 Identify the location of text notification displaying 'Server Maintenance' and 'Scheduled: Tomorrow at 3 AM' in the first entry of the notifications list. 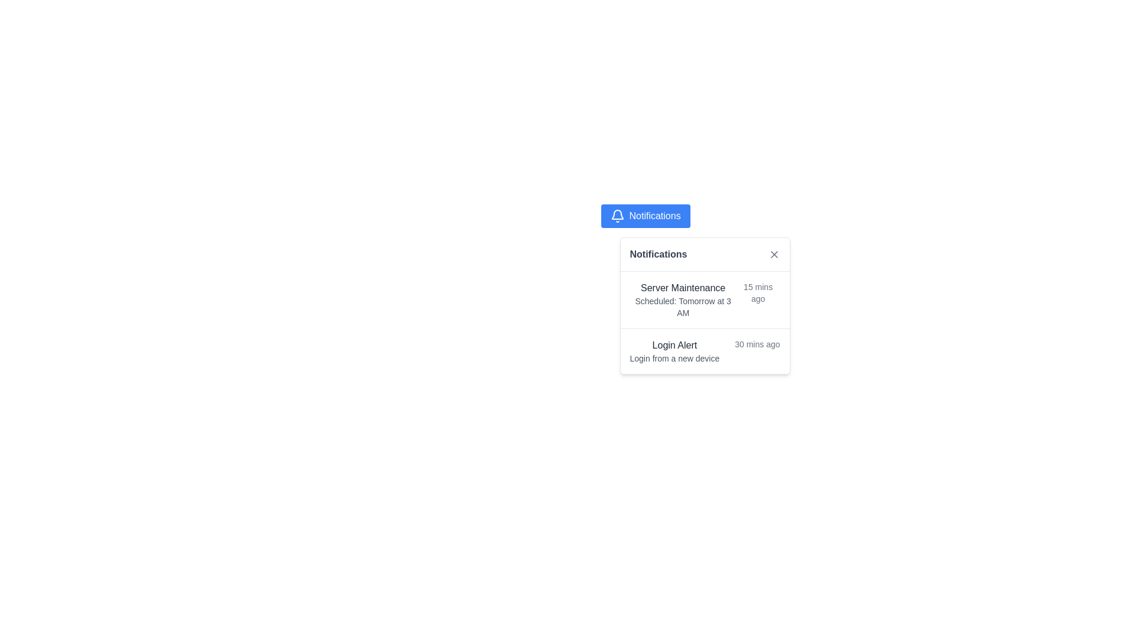
(683, 300).